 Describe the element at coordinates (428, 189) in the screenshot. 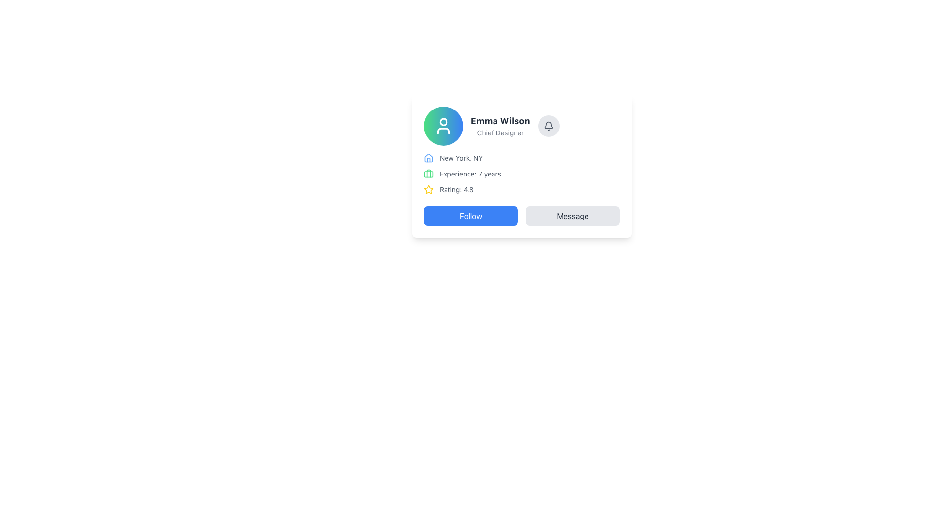

I see `the yellow star icon with a white fill inside, which is located to the left of the text 'Rating: 4.8' in the user profile card` at that location.